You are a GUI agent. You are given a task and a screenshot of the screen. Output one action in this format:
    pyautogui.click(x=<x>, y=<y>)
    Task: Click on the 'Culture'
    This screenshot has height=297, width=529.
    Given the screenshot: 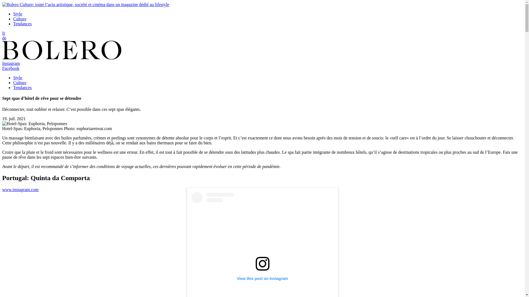 What is the action you would take?
    pyautogui.click(x=20, y=82)
    